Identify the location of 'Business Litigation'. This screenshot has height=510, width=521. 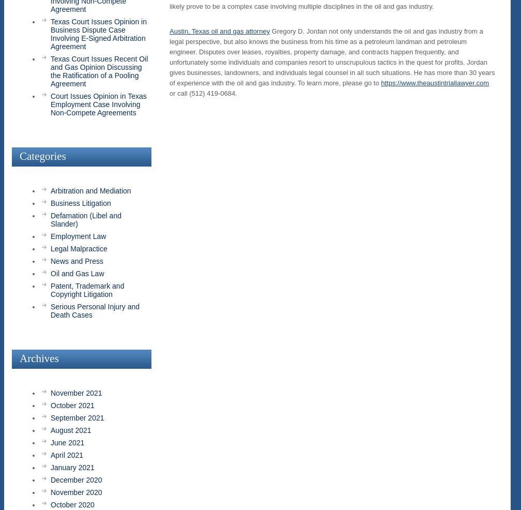
(81, 203).